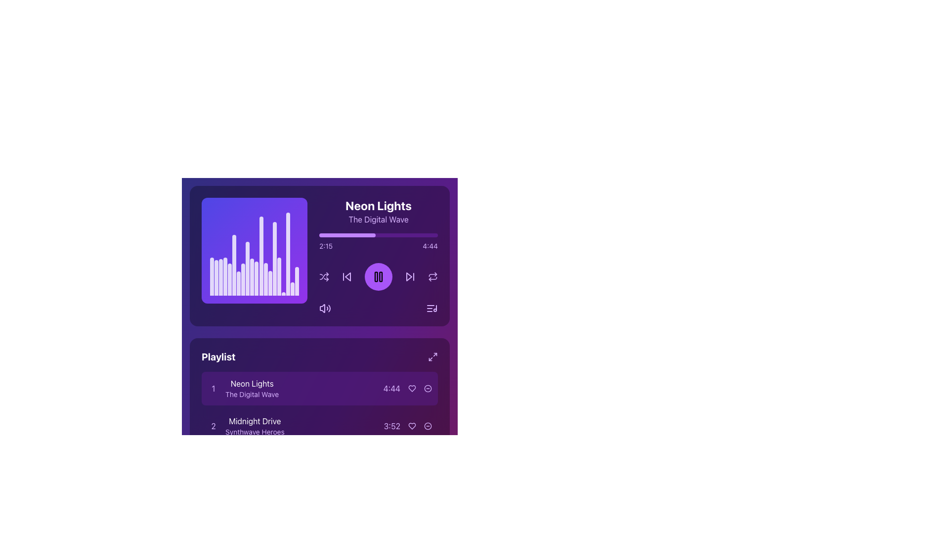 The image size is (949, 534). What do you see at coordinates (297, 281) in the screenshot?
I see `changes in height or appearance of the 19th bar in the music visualizer component, which is part of a grid of 20 bars located within a square-shaped gradient background visualizer section` at bounding box center [297, 281].